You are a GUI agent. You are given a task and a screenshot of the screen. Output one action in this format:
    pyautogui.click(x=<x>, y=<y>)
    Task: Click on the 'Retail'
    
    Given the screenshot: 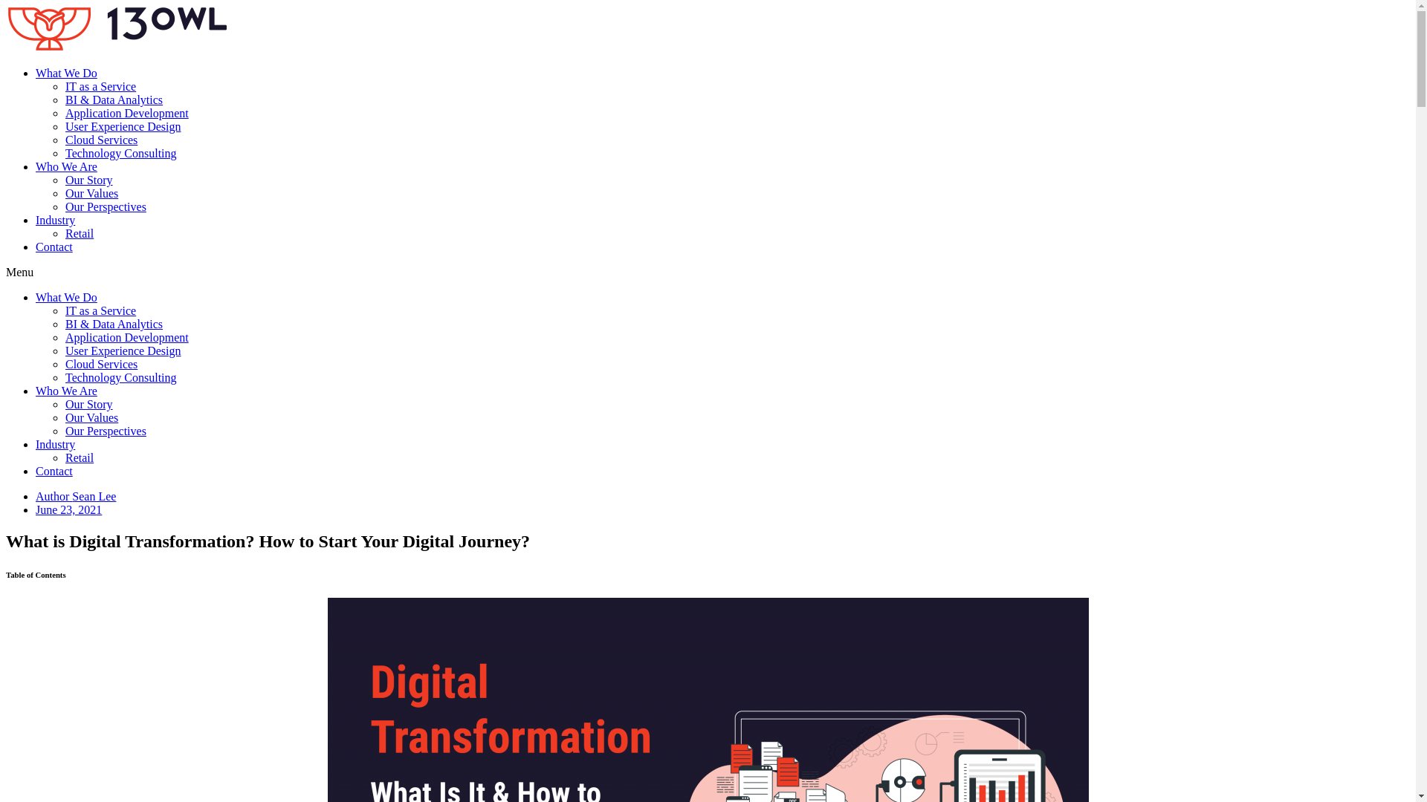 What is the action you would take?
    pyautogui.click(x=64, y=233)
    